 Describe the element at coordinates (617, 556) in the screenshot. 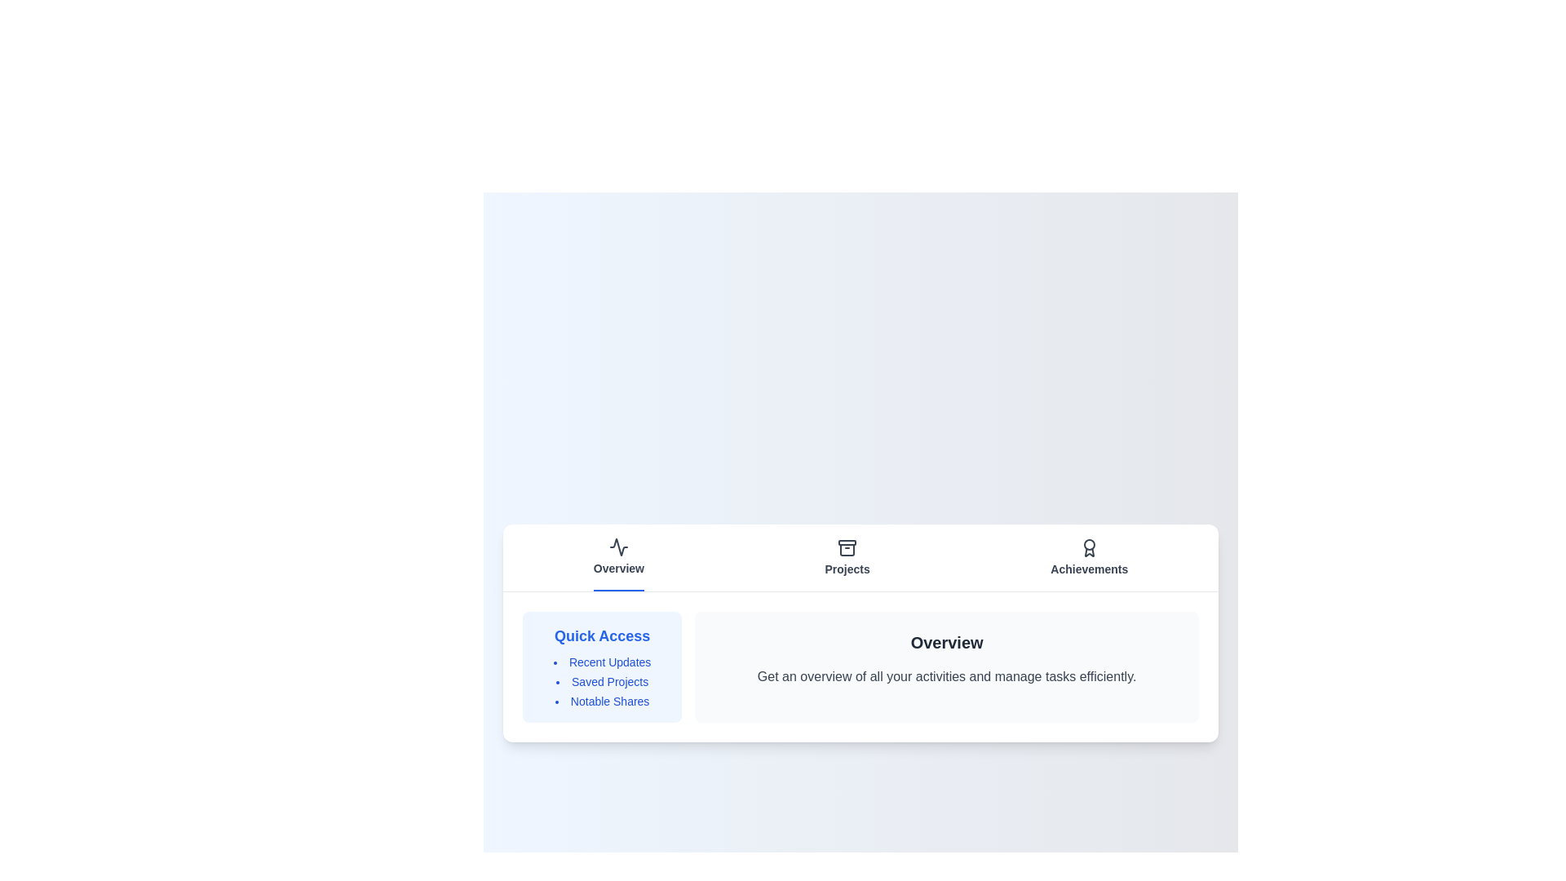

I see `the Overview tab to view its content` at that location.